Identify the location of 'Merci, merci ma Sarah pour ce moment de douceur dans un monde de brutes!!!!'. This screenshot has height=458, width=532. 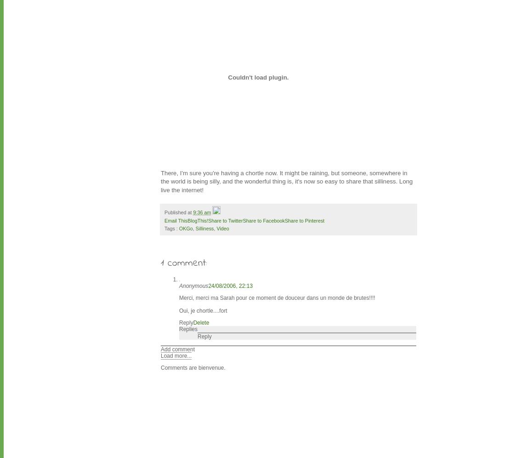
(276, 297).